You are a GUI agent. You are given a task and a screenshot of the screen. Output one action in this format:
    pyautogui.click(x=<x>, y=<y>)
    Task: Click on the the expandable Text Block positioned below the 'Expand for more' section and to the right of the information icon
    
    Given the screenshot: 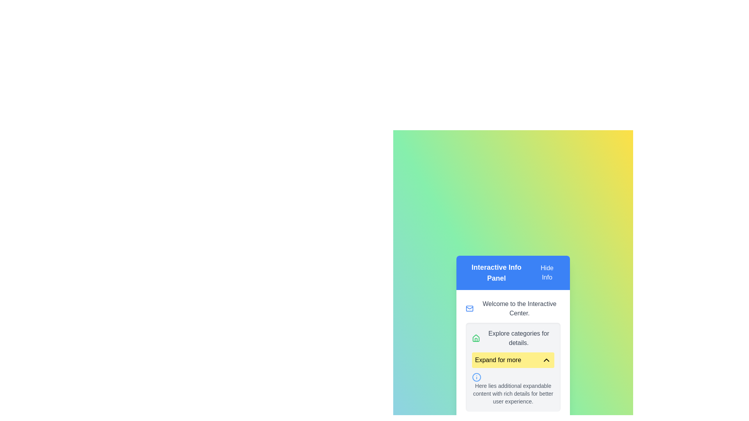 What is the action you would take?
    pyautogui.click(x=513, y=394)
    